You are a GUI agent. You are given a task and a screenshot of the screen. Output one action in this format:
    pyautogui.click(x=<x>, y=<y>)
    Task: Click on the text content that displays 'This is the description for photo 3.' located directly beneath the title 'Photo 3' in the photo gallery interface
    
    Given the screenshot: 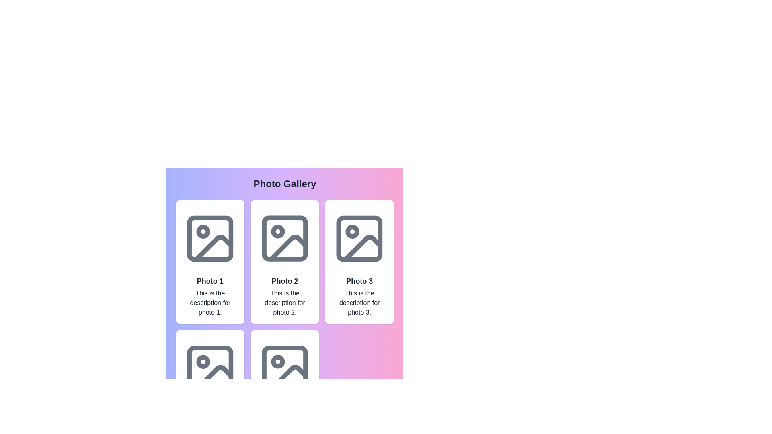 What is the action you would take?
    pyautogui.click(x=359, y=303)
    